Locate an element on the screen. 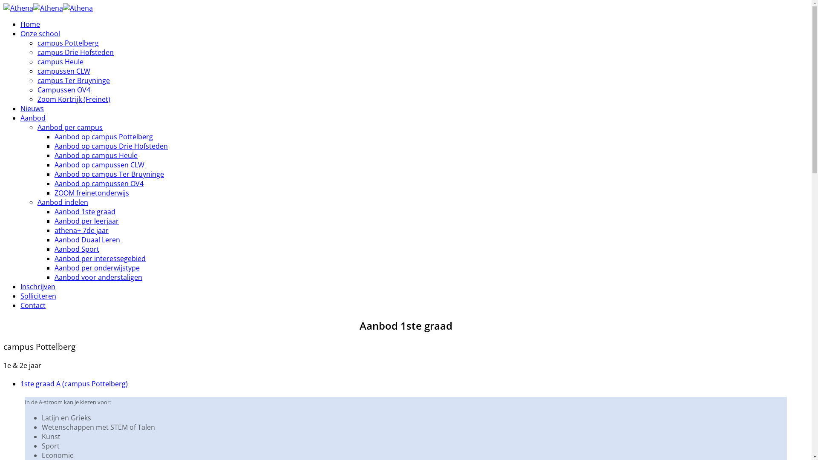  'campus Drie Hofsteden' is located at coordinates (75, 52).